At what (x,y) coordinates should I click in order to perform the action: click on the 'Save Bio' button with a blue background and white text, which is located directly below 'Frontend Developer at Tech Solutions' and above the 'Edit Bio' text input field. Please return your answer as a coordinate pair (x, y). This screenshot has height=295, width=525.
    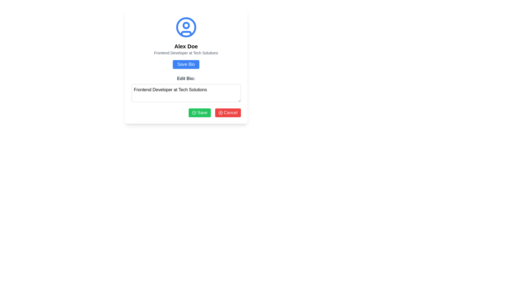
    Looking at the image, I should click on (186, 64).